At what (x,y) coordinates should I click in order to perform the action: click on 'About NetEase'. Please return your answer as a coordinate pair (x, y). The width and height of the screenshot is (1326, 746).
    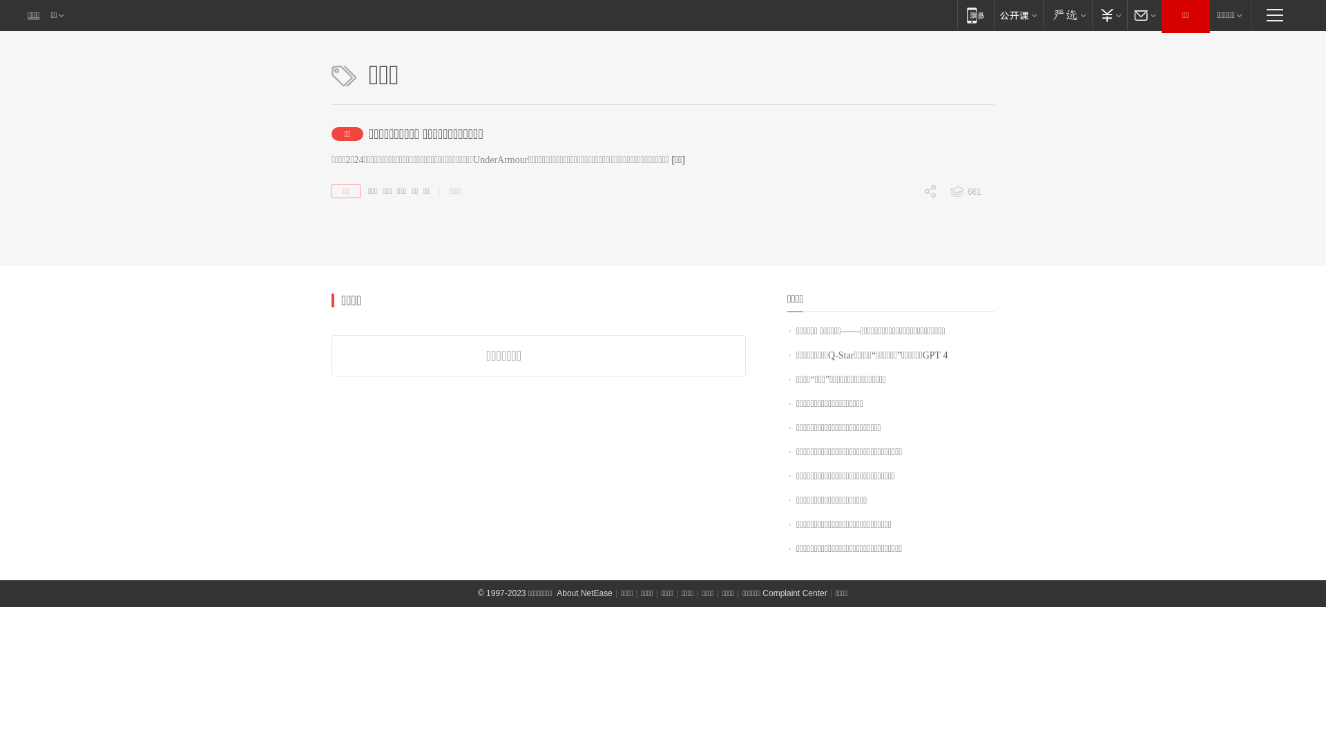
    Looking at the image, I should click on (584, 593).